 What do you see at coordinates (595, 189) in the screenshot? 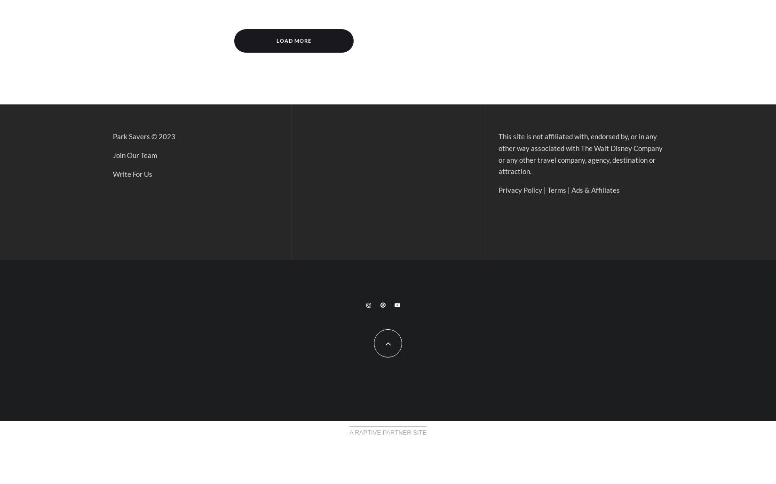
I see `'Ads & Affiliates'` at bounding box center [595, 189].